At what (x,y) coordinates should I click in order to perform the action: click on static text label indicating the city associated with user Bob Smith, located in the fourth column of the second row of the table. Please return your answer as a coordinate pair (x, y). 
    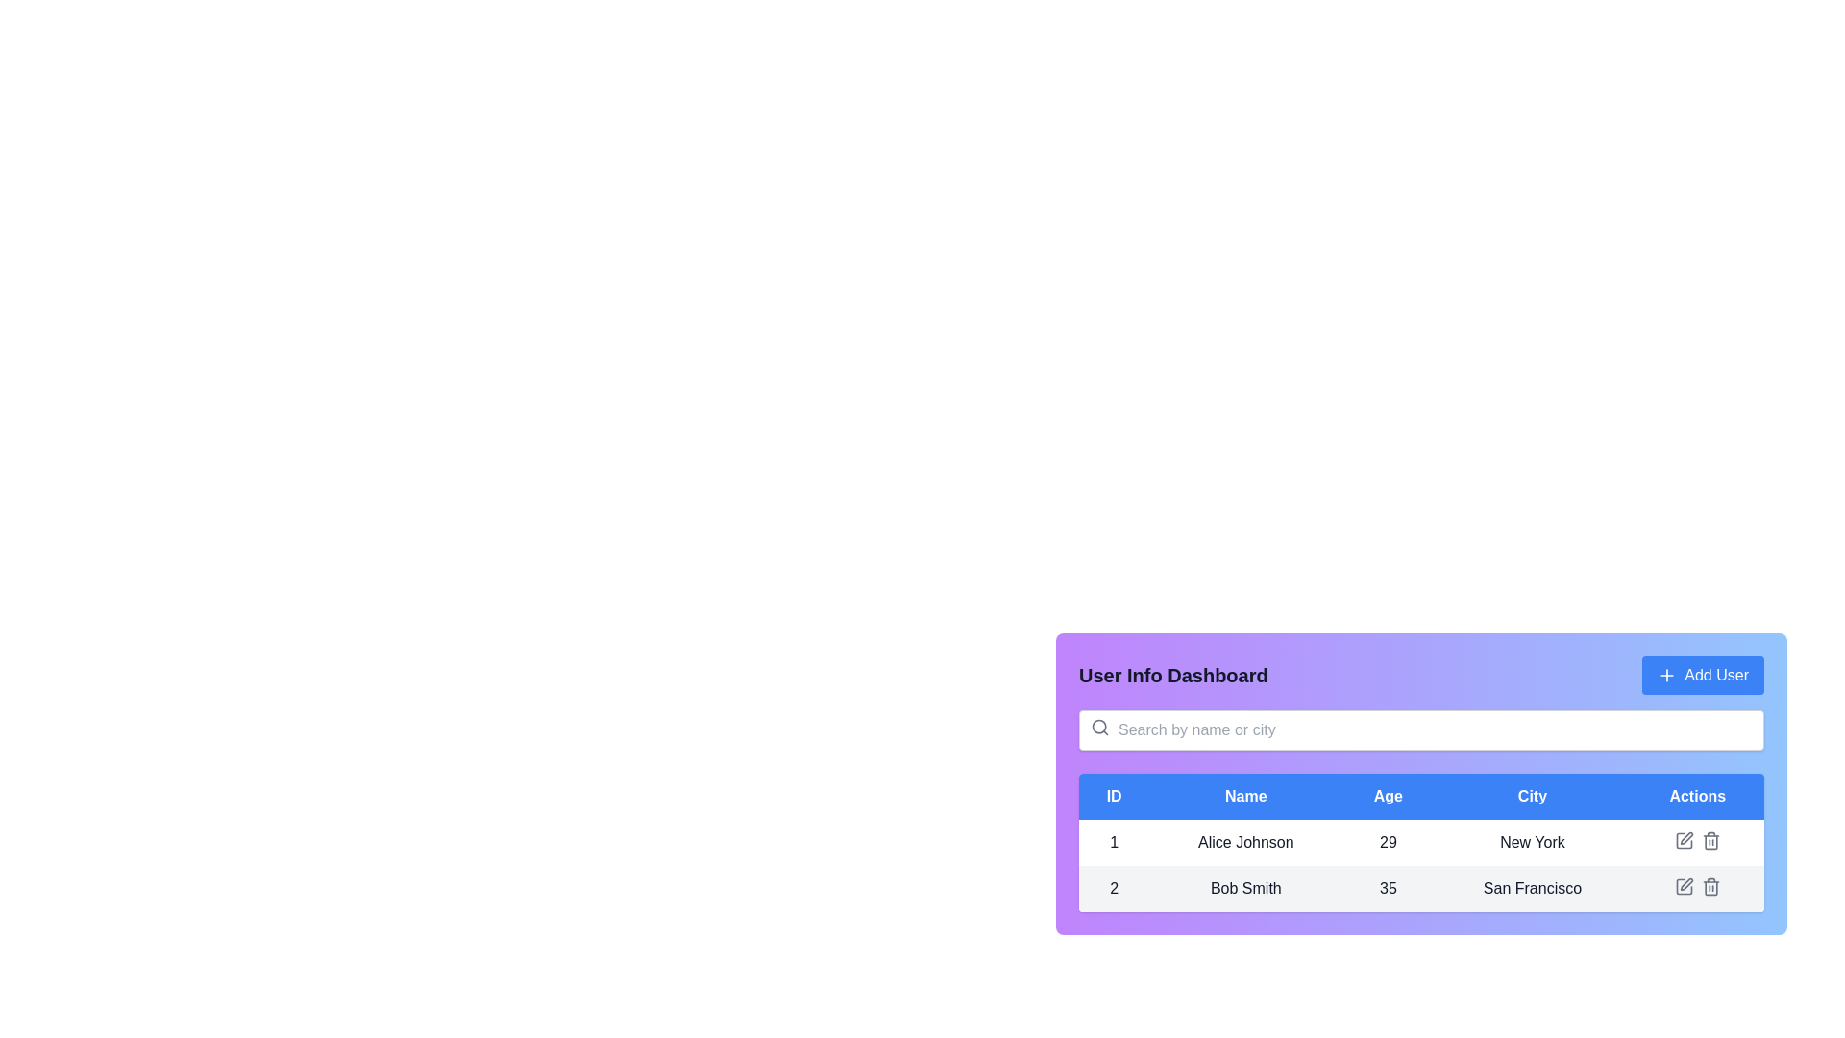
    Looking at the image, I should click on (1531, 889).